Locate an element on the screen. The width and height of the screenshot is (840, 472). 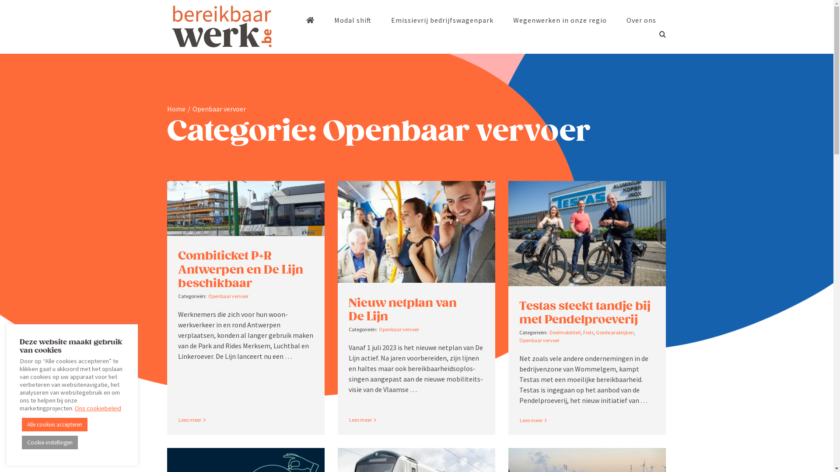
'Openbaar vervoer' is located at coordinates (539, 340).